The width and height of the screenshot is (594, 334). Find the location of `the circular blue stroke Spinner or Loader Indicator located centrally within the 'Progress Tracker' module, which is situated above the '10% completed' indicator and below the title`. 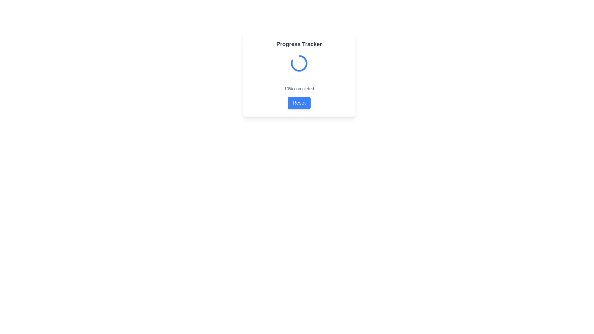

the circular blue stroke Spinner or Loader Indicator located centrally within the 'Progress Tracker' module, which is situated above the '10% completed' indicator and below the title is located at coordinates (299, 63).